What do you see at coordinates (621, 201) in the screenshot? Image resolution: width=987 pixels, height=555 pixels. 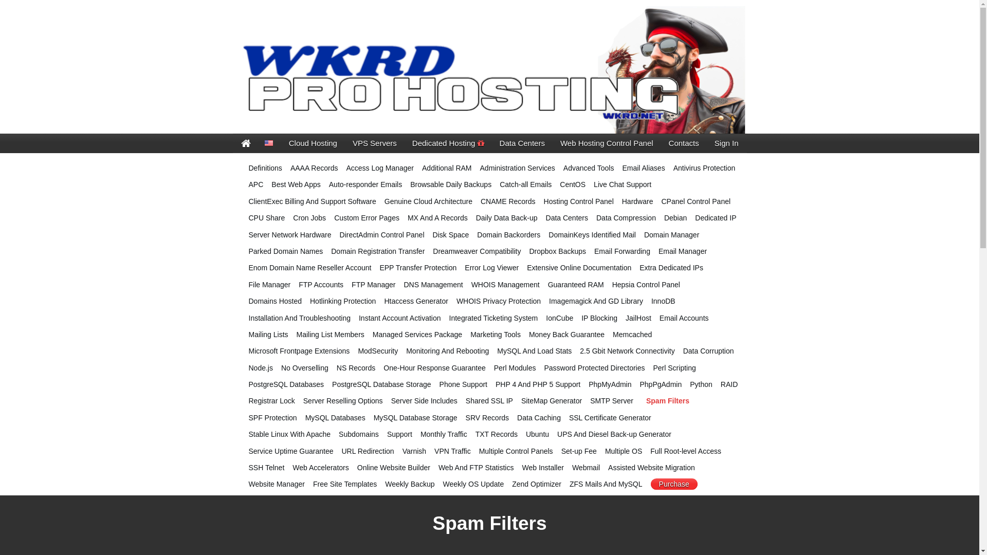 I see `'Hardware'` at bounding box center [621, 201].